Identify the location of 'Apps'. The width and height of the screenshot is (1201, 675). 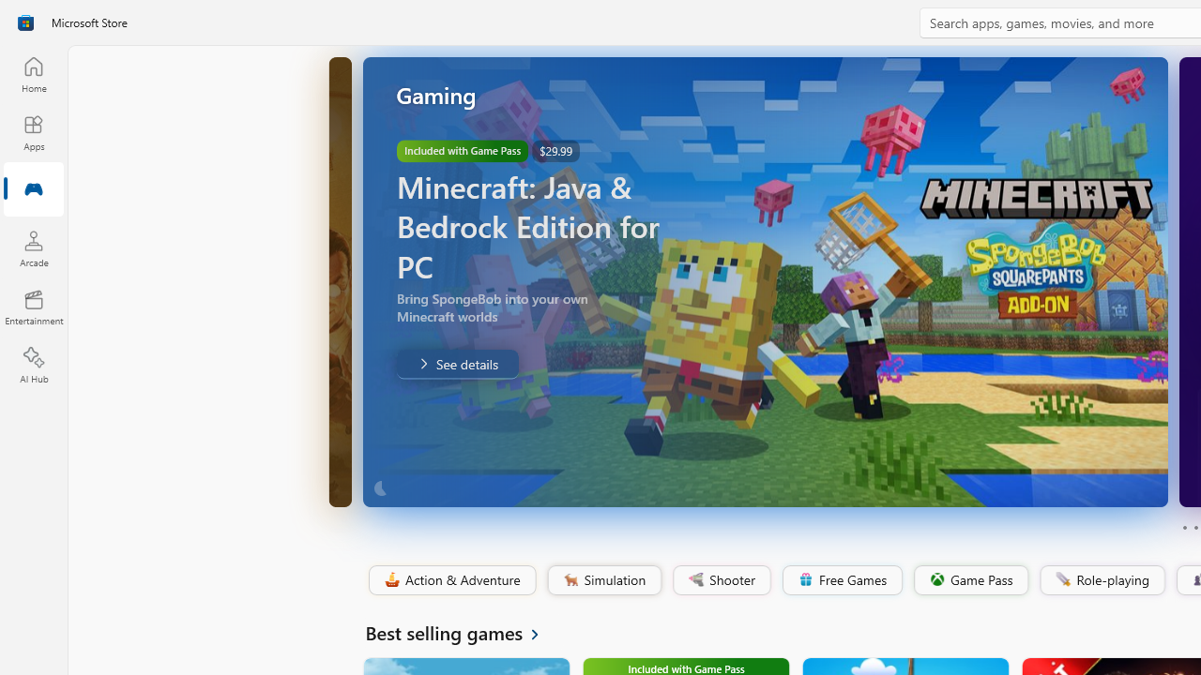
(33, 131).